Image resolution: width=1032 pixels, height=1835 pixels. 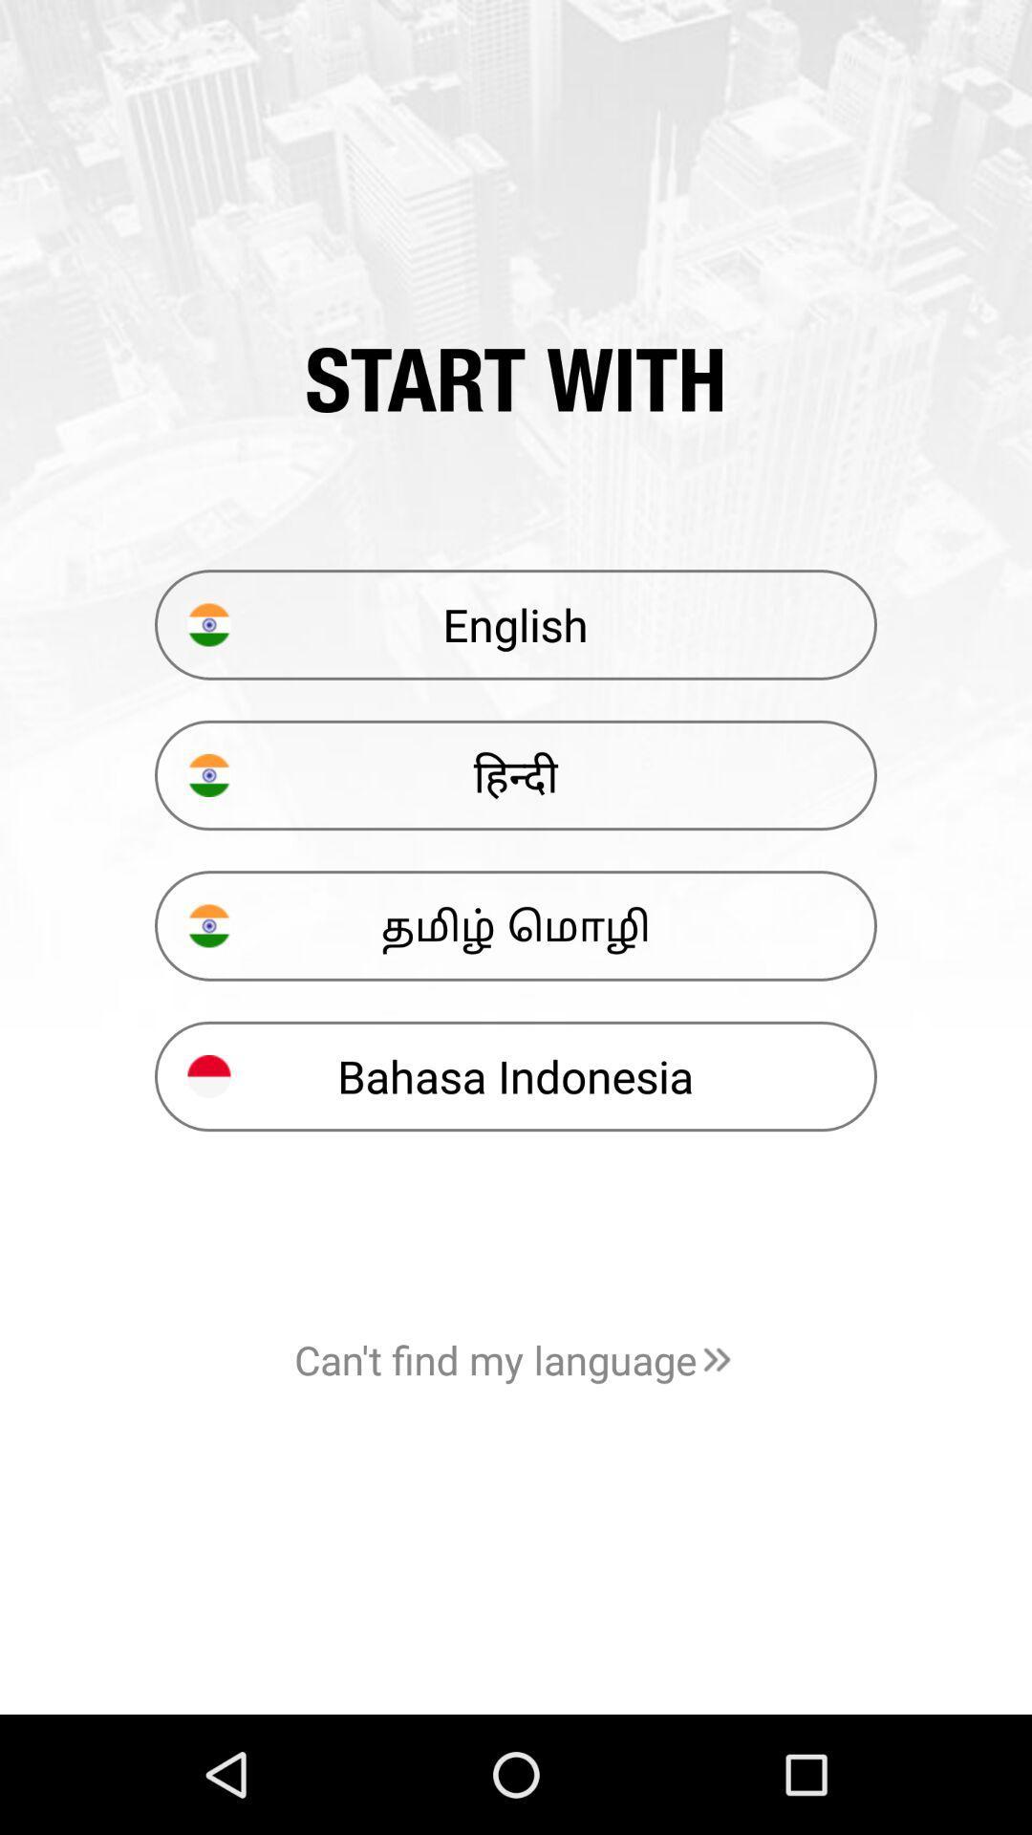 I want to click on the item below the bahasa indonesia icon, so click(x=516, y=1358).